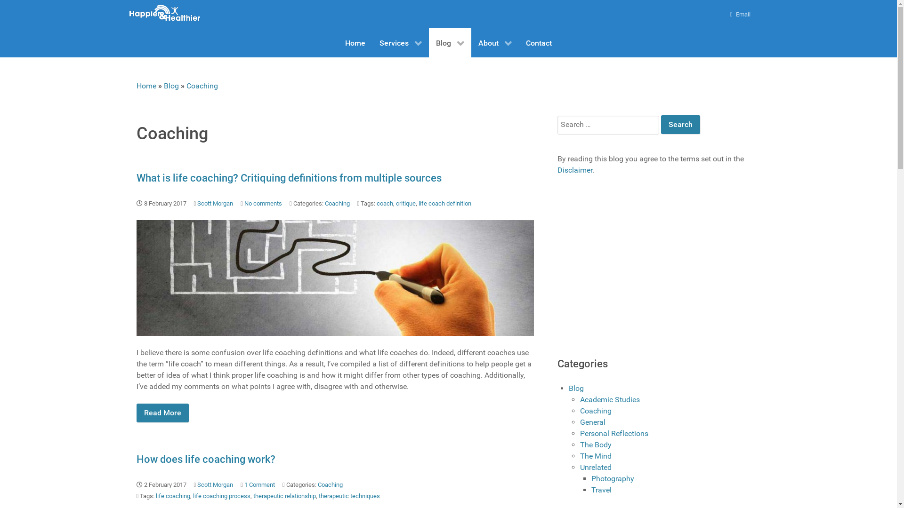 This screenshot has width=904, height=508. What do you see at coordinates (729, 14) in the screenshot?
I see `'Email'` at bounding box center [729, 14].